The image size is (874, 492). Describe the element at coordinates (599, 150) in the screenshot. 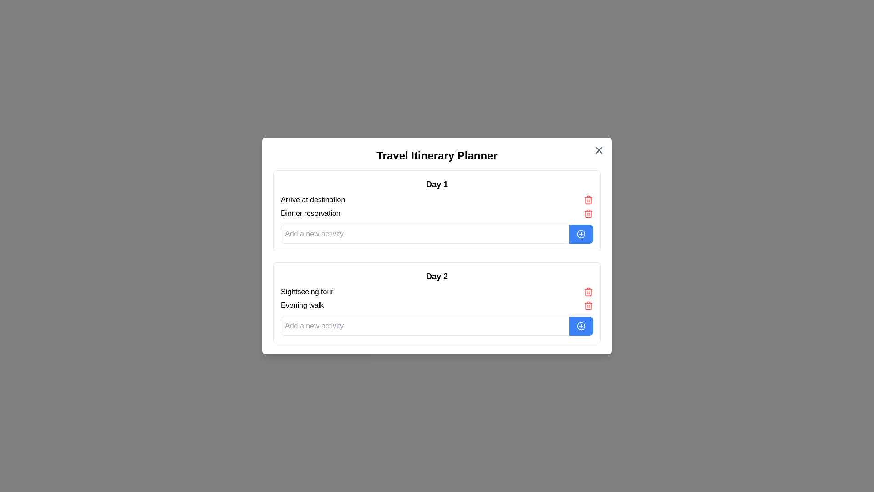

I see `the close button, represented by a diagonal cross icon ('X'), located in the top-right corner of the 'Travel Itinerary Planner' modal` at that location.